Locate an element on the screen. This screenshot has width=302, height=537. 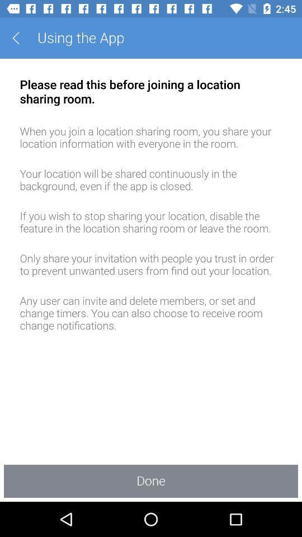
the item to the left of the using the app app is located at coordinates (20, 38).